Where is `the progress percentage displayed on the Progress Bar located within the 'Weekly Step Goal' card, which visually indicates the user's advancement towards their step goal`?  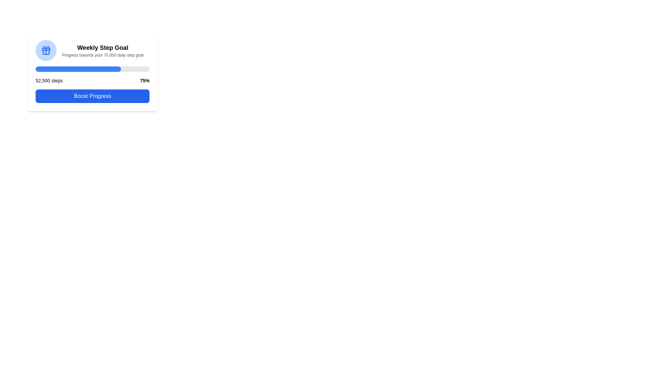
the progress percentage displayed on the Progress Bar located within the 'Weekly Step Goal' card, which visually indicates the user's advancement towards their step goal is located at coordinates (92, 69).